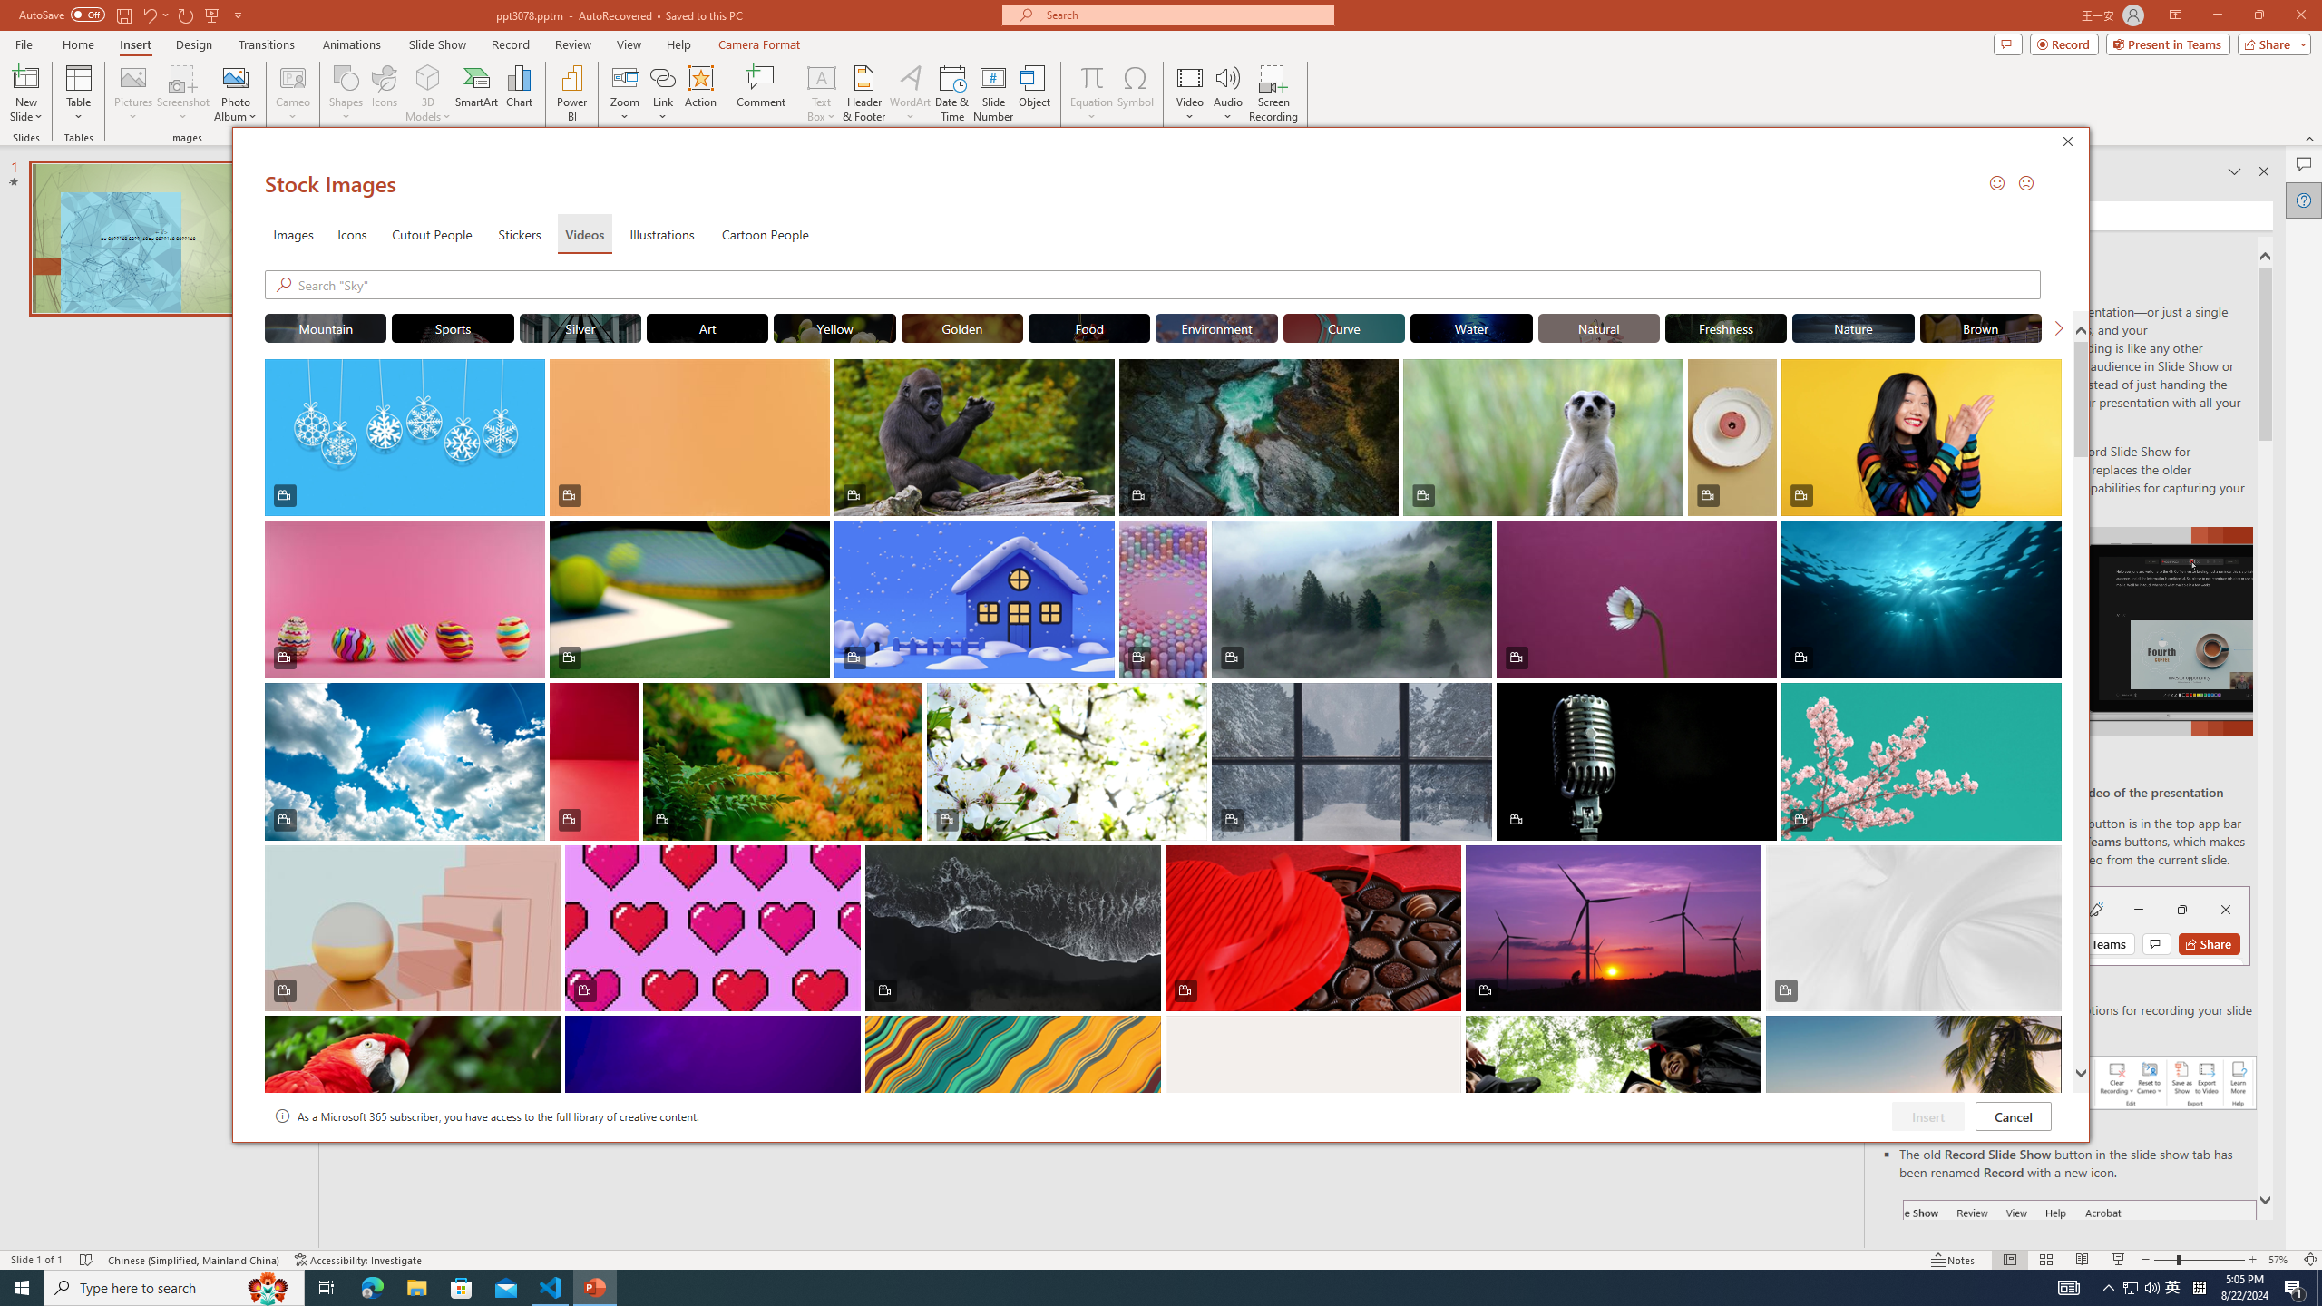 The height and width of the screenshot is (1306, 2322). Describe the element at coordinates (519, 232) in the screenshot. I see `'Stickers'` at that location.